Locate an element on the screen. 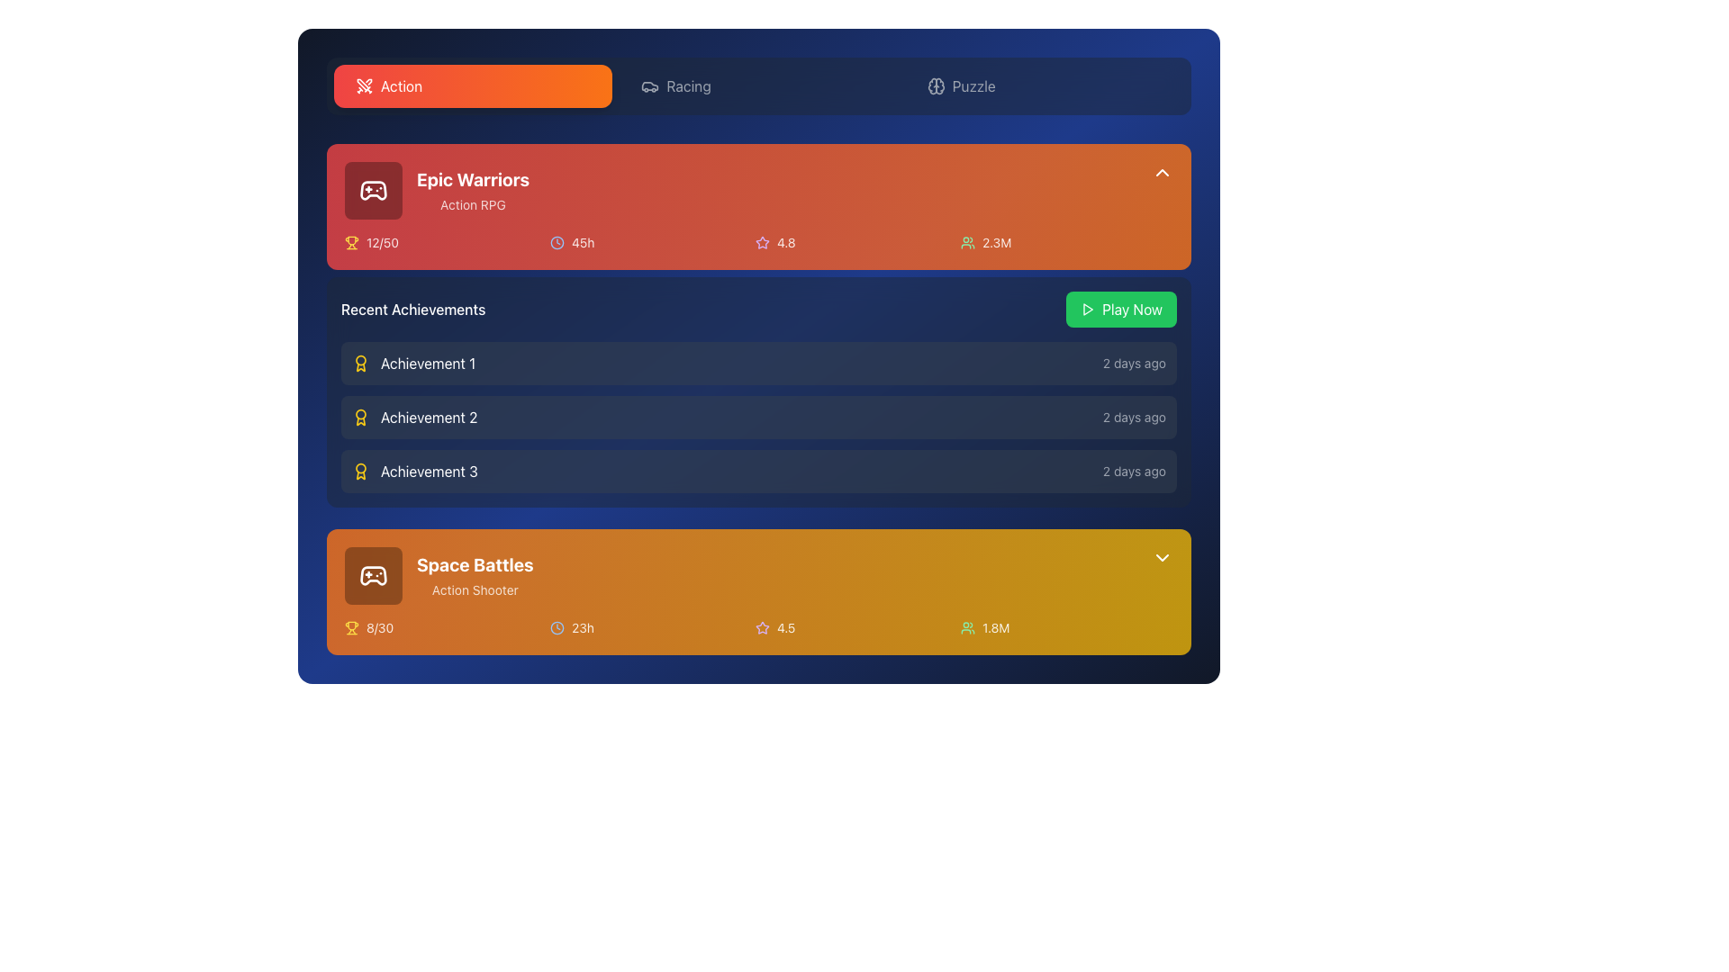 The image size is (1729, 972). the play action icon within the green 'Play Now' button located in the top-right quadrant of the 'Epic Warriors' game entry to initiate the play action is located at coordinates (1087, 308).